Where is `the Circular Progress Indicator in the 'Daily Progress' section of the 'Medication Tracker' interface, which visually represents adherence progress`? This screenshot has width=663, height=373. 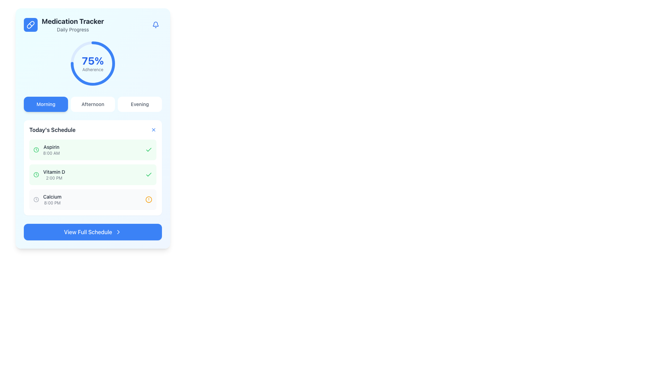
the Circular Progress Indicator in the 'Daily Progress' section of the 'Medication Tracker' interface, which visually represents adherence progress is located at coordinates (92, 64).